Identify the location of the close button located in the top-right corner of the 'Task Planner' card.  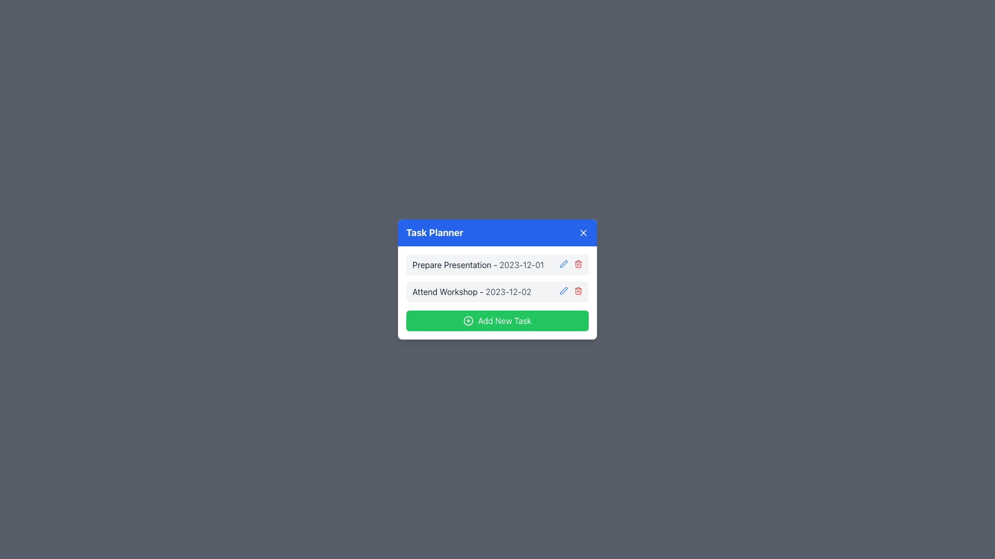
(584, 233).